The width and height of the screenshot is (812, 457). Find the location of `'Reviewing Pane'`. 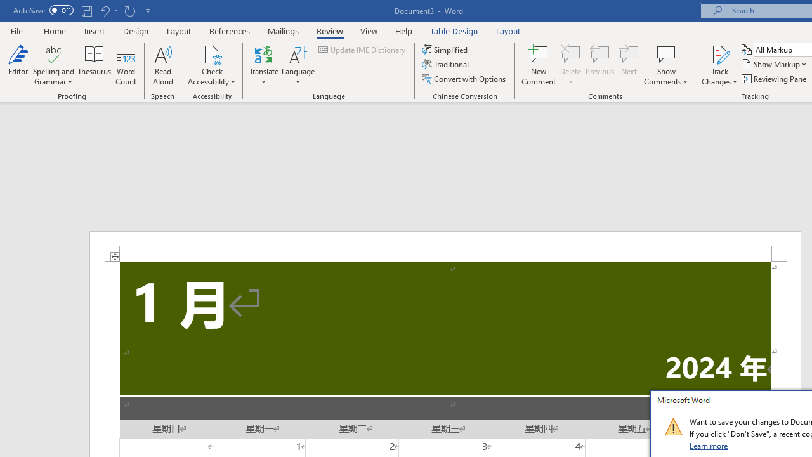

'Reviewing Pane' is located at coordinates (774, 79).